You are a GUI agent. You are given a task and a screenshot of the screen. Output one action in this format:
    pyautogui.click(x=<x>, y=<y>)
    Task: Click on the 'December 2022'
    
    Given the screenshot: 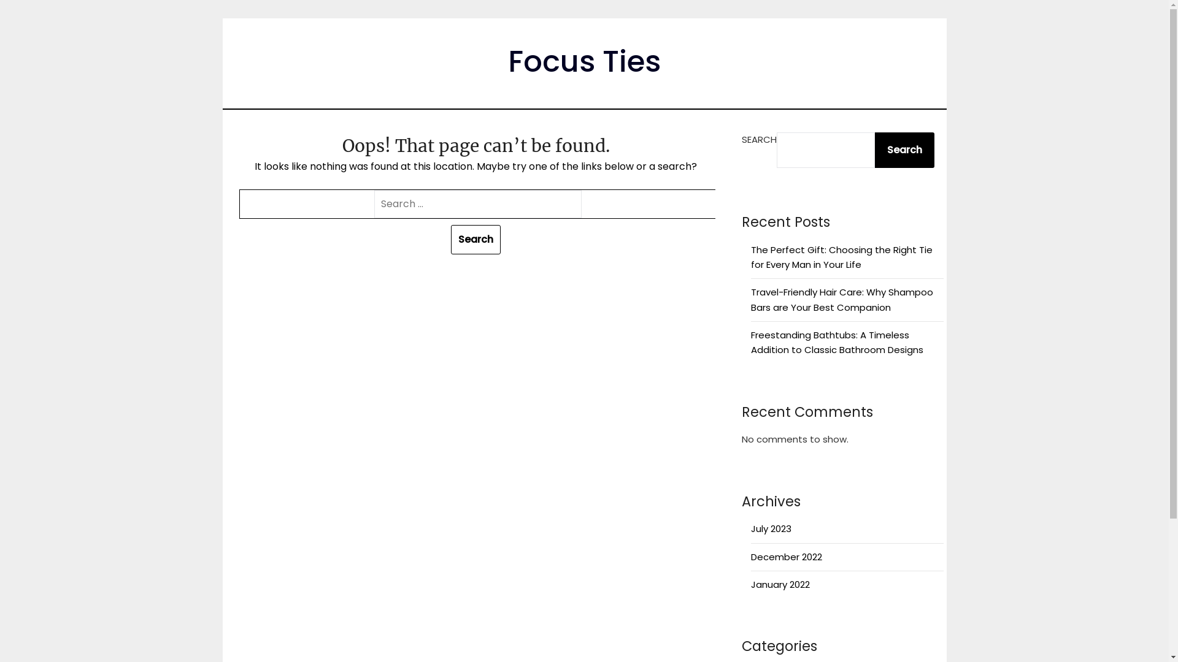 What is the action you would take?
    pyautogui.click(x=786, y=557)
    